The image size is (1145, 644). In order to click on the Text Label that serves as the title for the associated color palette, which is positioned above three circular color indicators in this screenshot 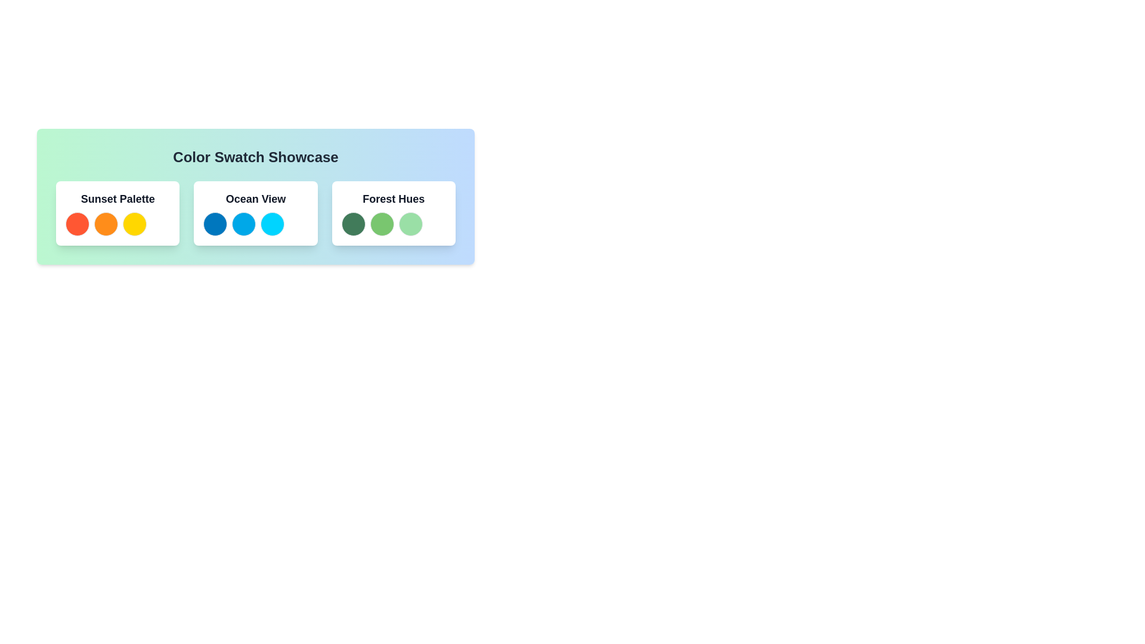, I will do `click(255, 199)`.